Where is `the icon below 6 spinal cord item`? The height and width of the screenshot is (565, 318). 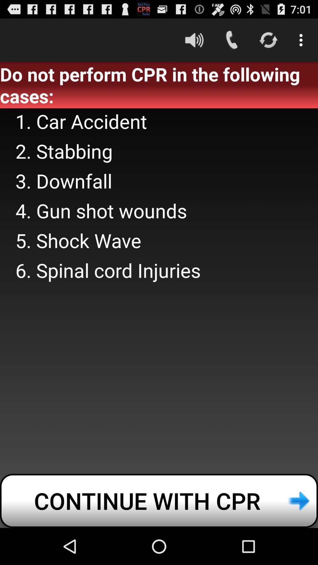 the icon below 6 spinal cord item is located at coordinates (159, 501).